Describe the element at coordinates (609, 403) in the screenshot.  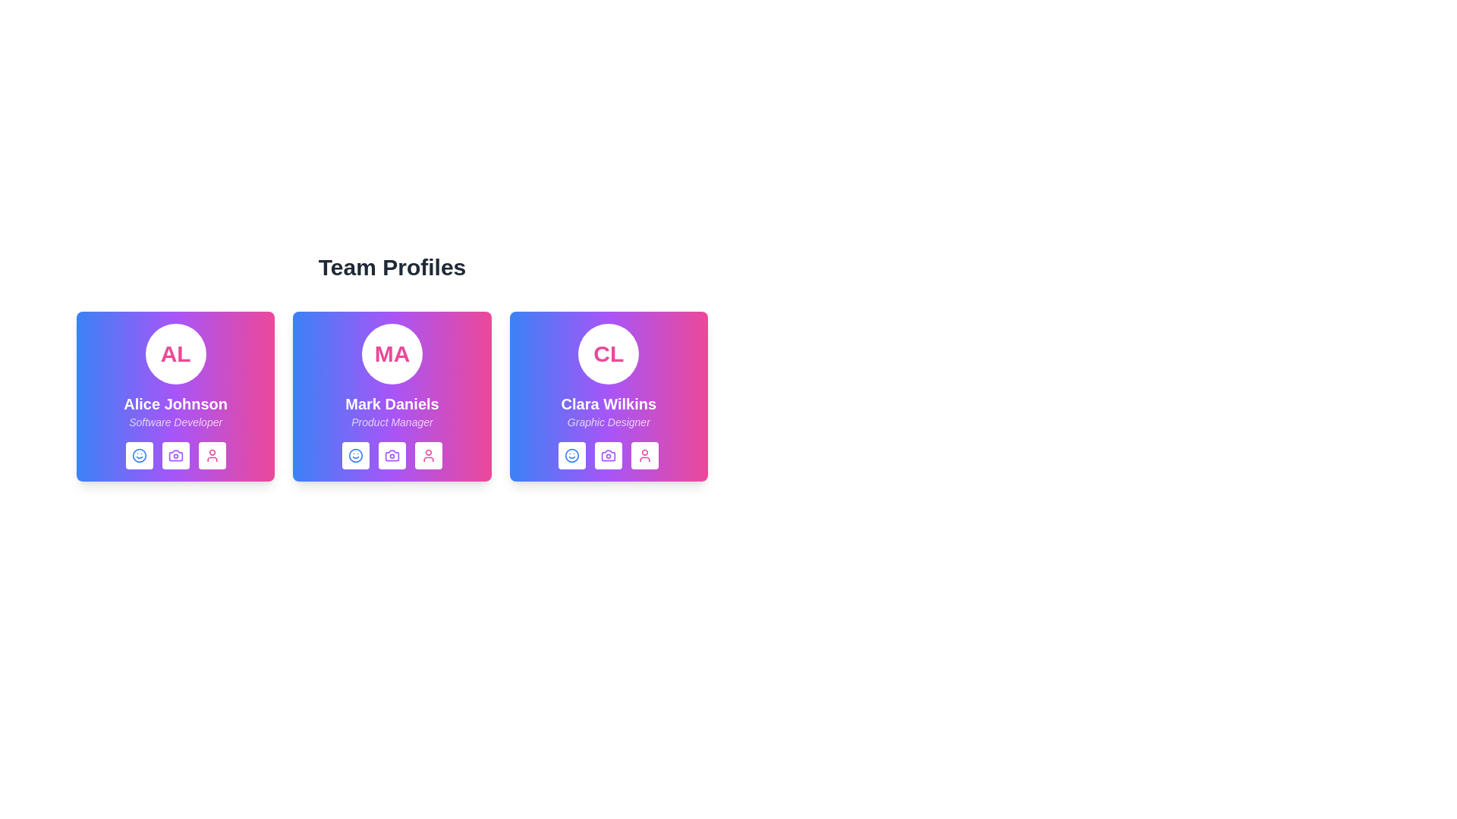
I see `the text label 'Clara Wilkins' which is displayed in bold and slightly larger font size, located within a gradient background profile card, situated below the initials 'CL' and above 'Graphic Designer'` at that location.